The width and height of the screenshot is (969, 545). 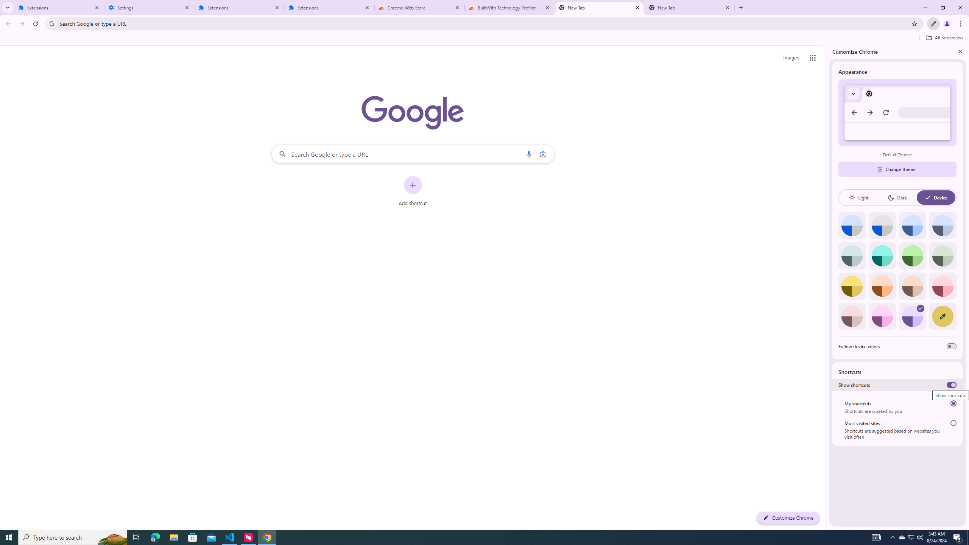 What do you see at coordinates (543, 153) in the screenshot?
I see `'Search by image'` at bounding box center [543, 153].